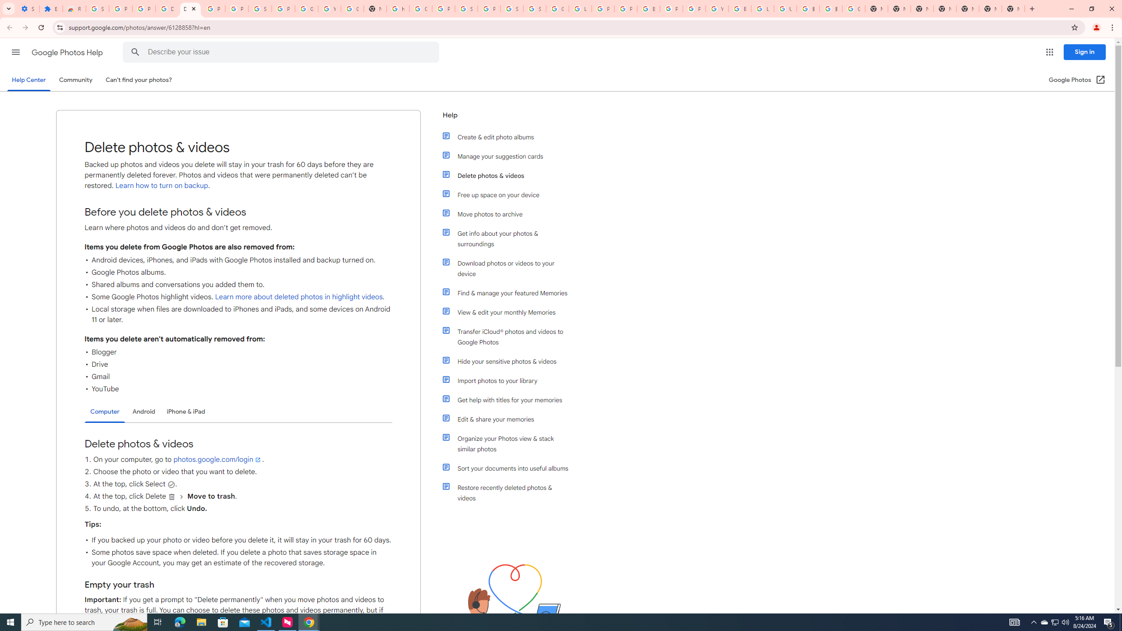 The image size is (1122, 631). Describe the element at coordinates (217, 460) in the screenshot. I see `'photos.google.com/login'` at that location.